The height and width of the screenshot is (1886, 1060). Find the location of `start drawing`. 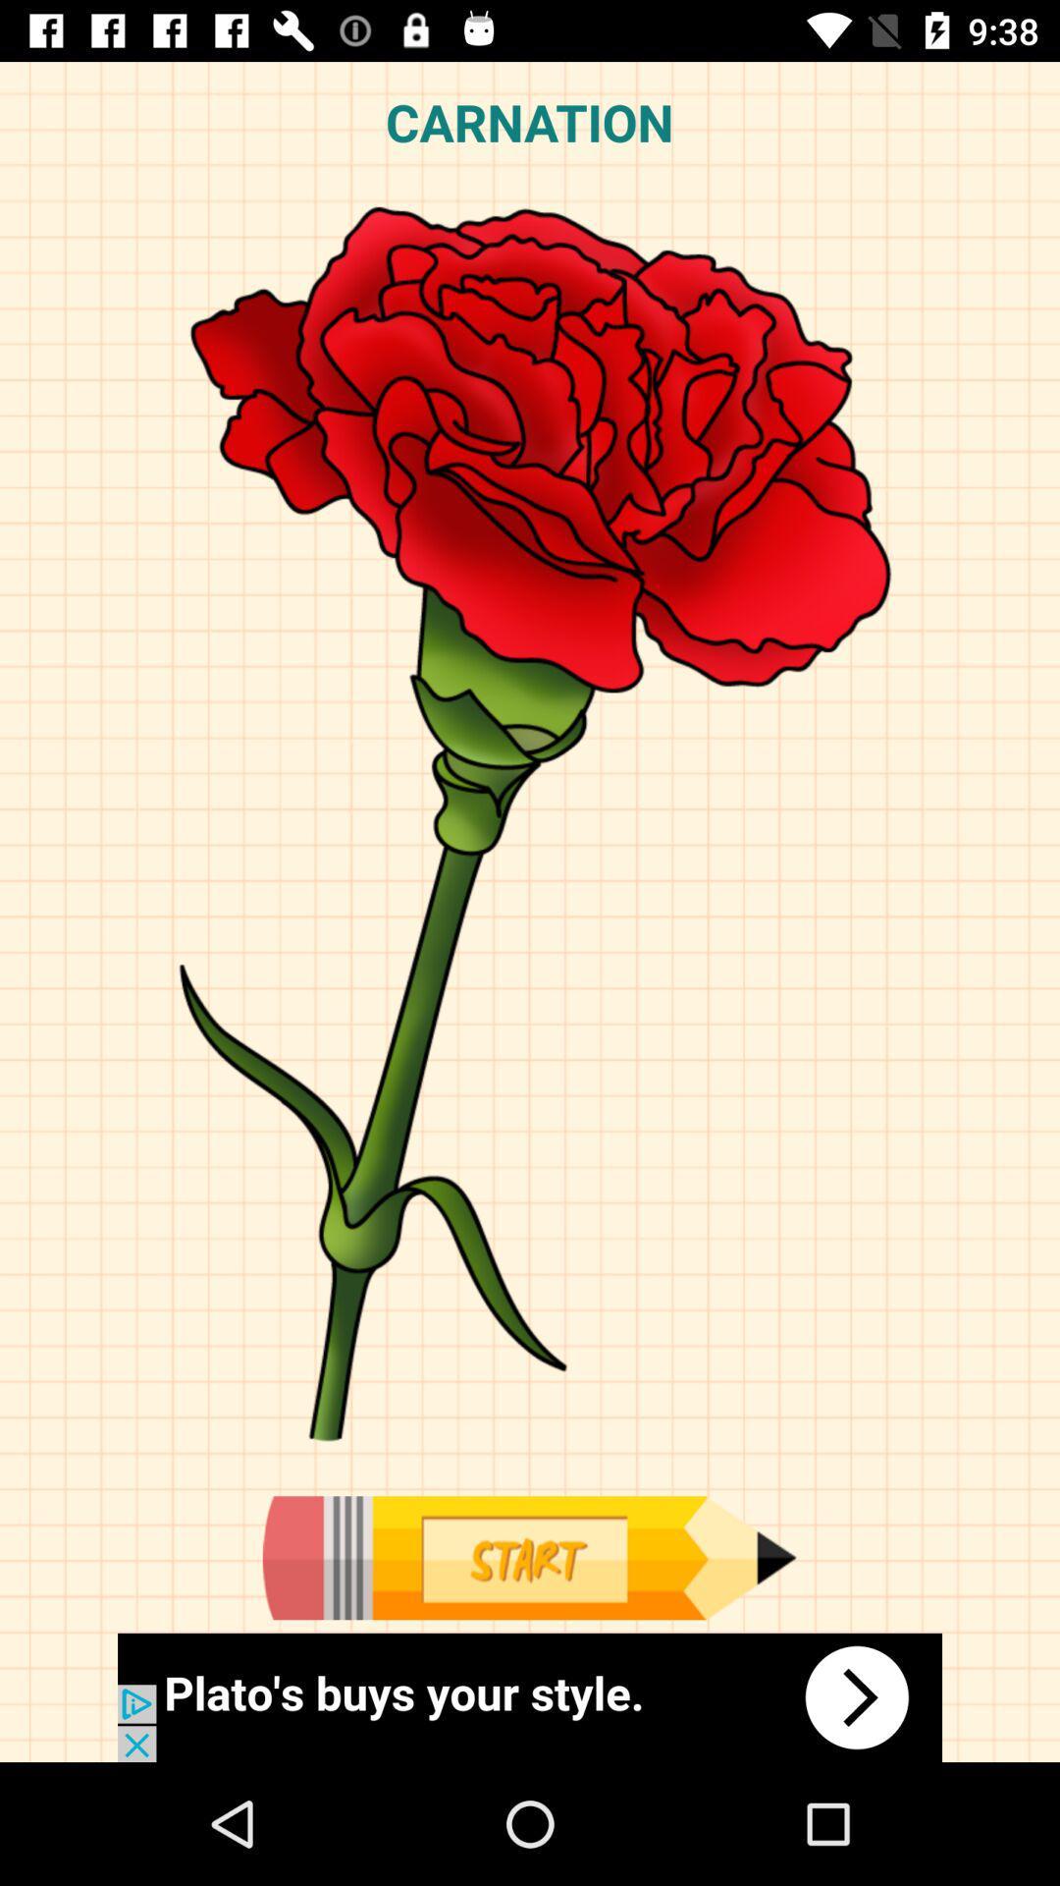

start drawing is located at coordinates (528, 1557).